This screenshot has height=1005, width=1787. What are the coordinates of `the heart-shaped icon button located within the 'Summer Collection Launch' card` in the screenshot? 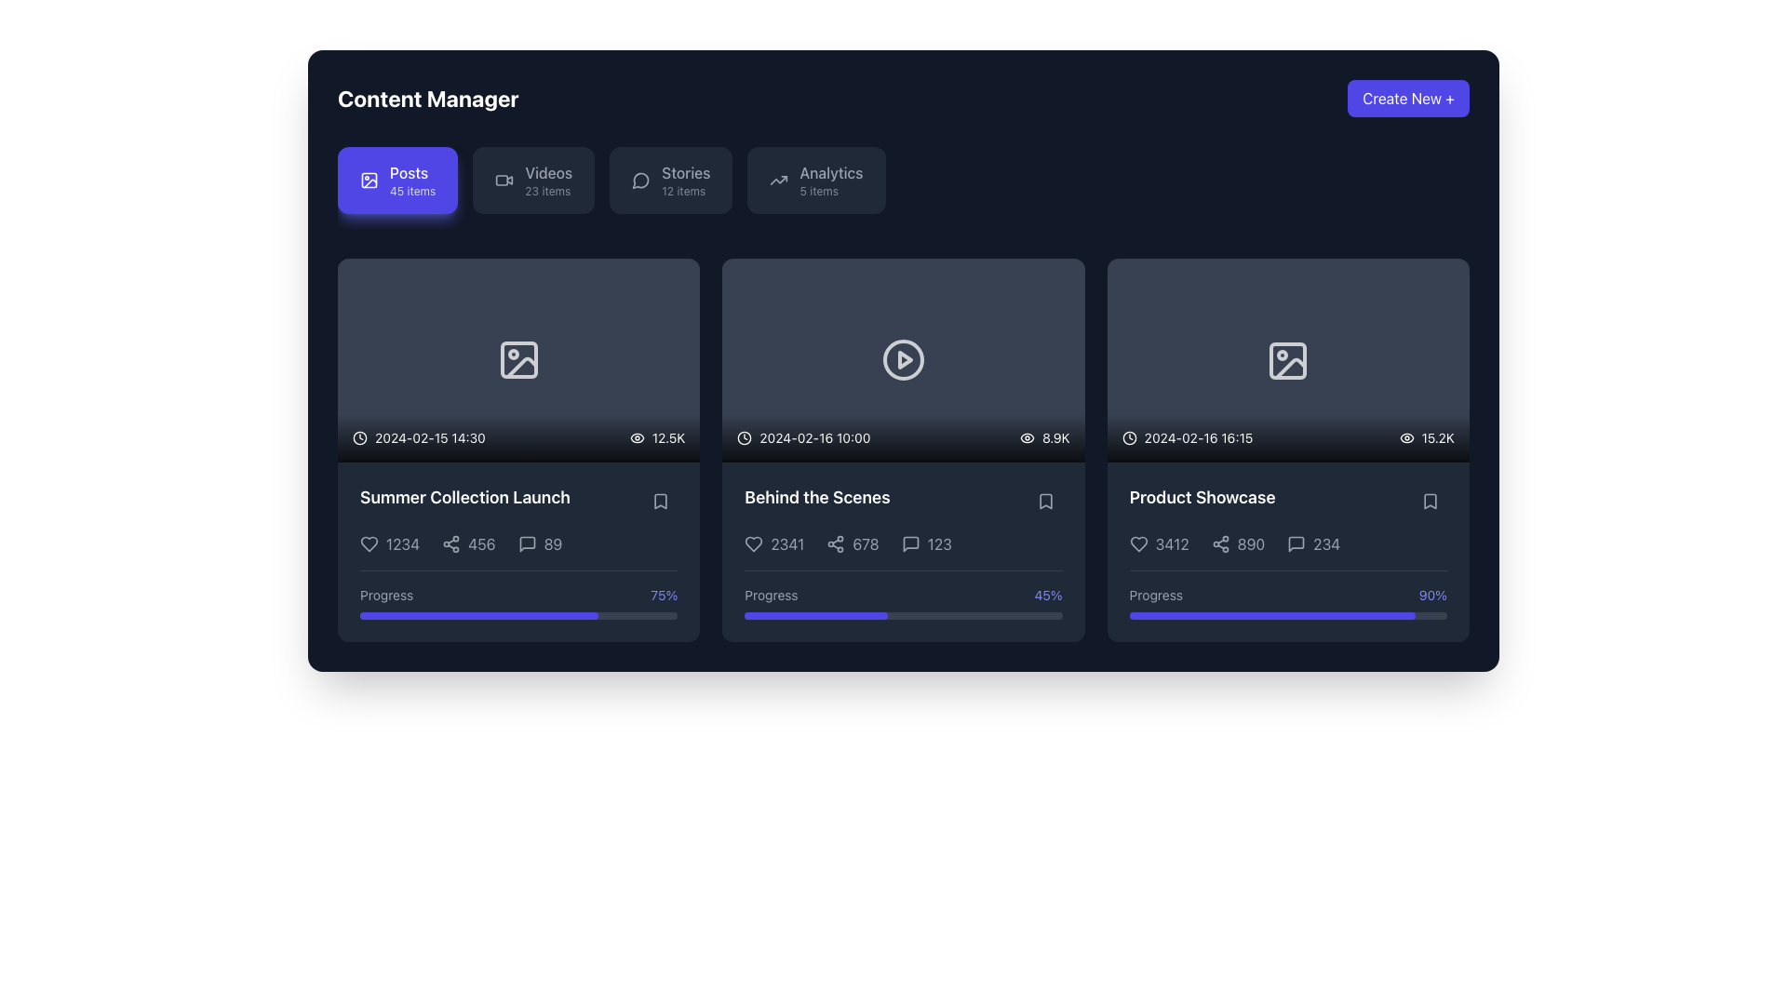 It's located at (369, 543).